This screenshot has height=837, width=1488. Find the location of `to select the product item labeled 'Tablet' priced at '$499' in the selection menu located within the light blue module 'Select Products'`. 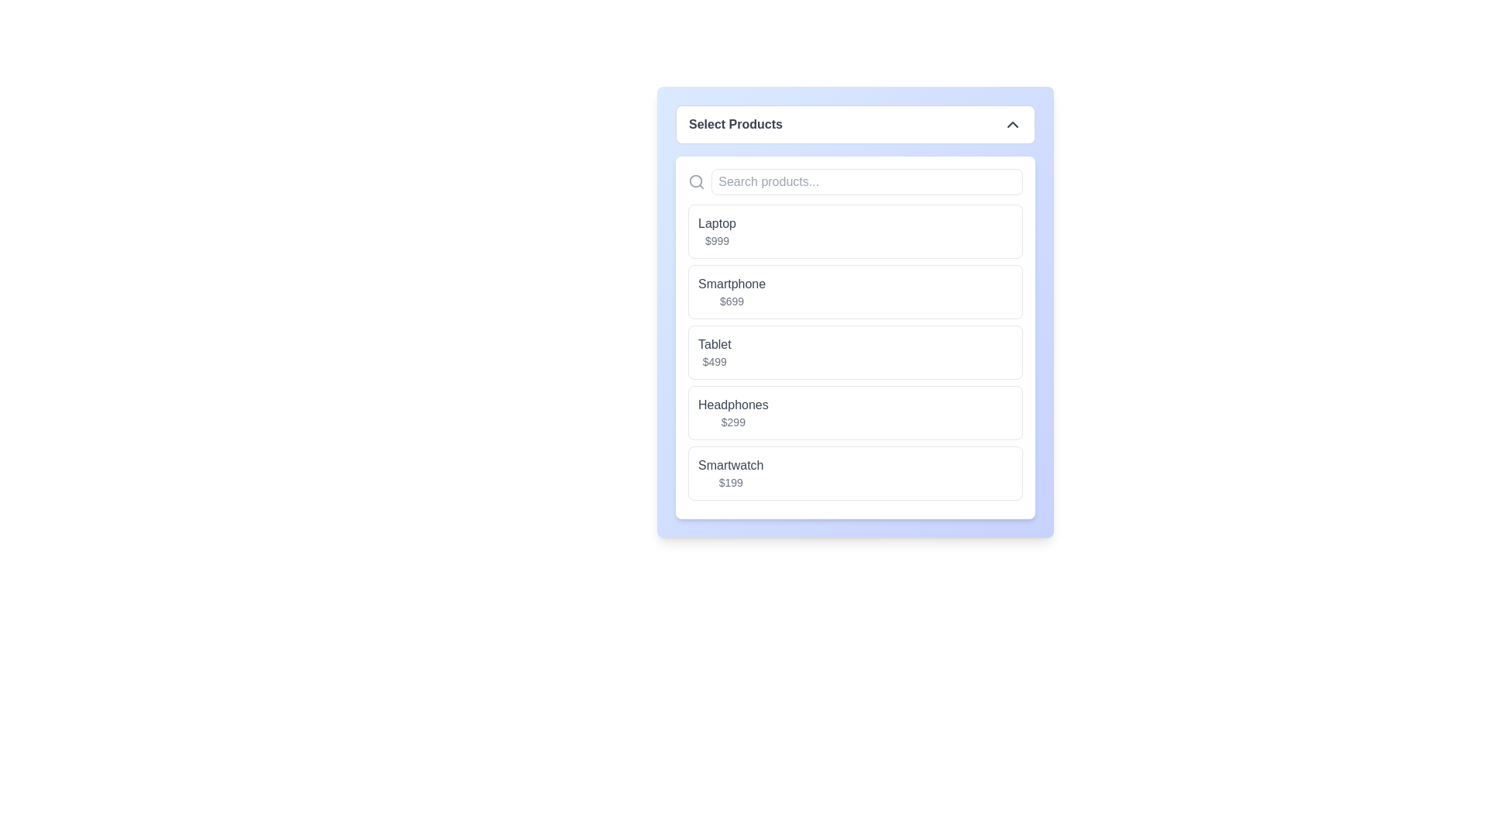

to select the product item labeled 'Tablet' priced at '$499' in the selection menu located within the light blue module 'Select Products' is located at coordinates (855, 353).